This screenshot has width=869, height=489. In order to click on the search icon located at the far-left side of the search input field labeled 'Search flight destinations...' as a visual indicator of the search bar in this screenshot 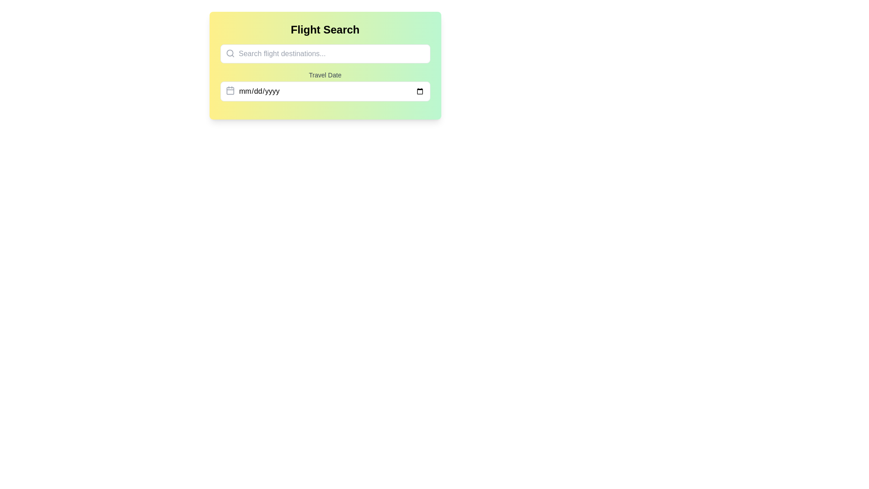, I will do `click(230, 53)`.